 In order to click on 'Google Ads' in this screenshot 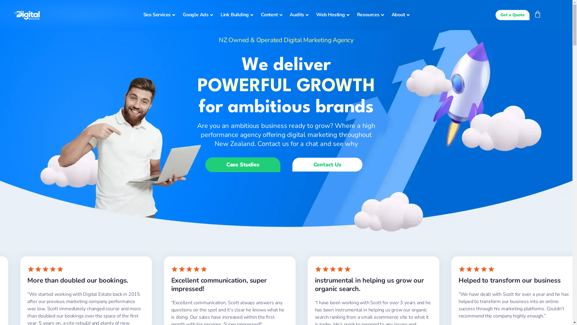, I will do `click(199, 15)`.